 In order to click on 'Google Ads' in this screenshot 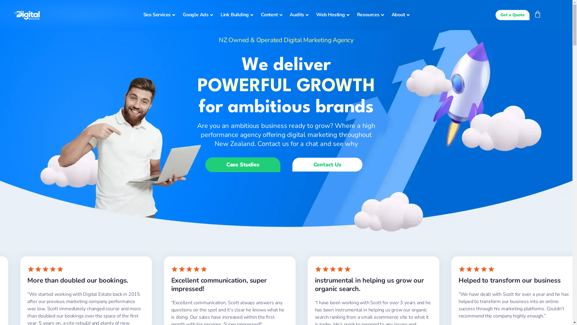, I will do `click(199, 15)`.